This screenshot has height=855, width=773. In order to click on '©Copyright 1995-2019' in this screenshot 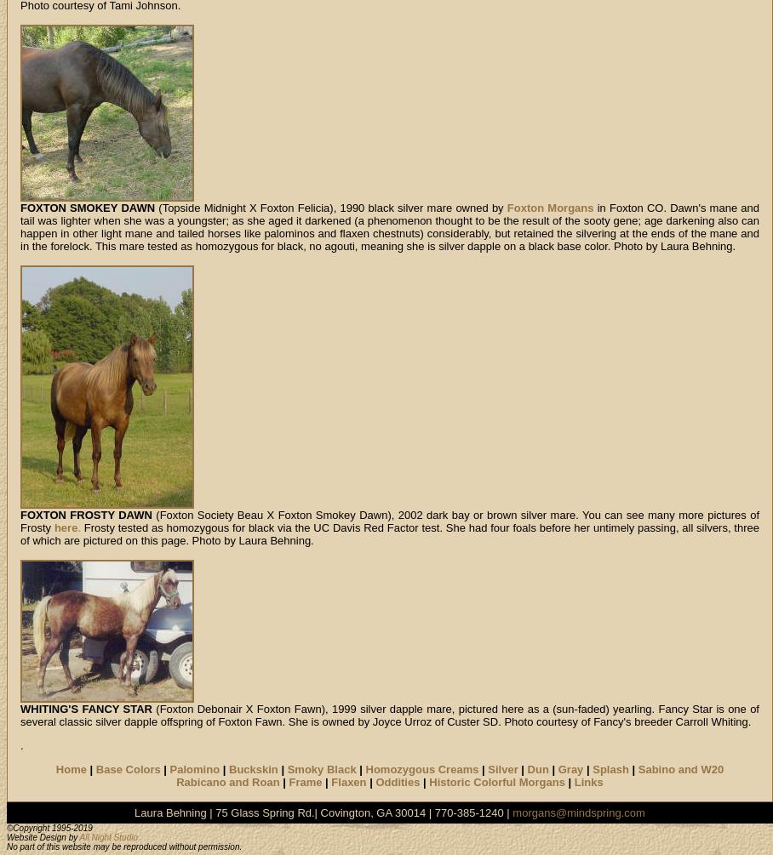, I will do `click(49, 827)`.